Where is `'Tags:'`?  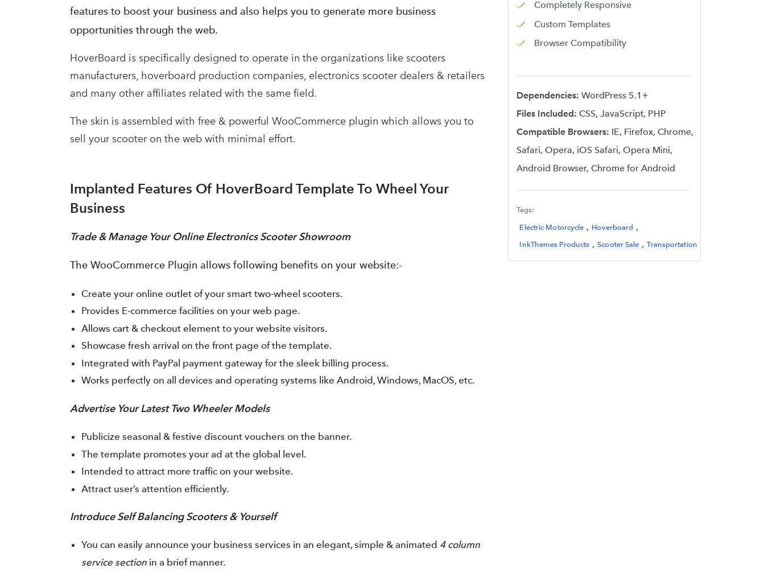 'Tags:' is located at coordinates (525, 209).